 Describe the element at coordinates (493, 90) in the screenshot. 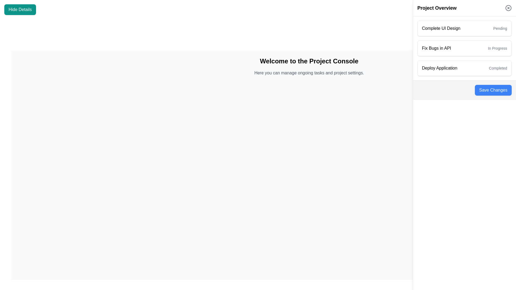

I see `the 'Save Changes' button, which is a rectangular button with a blue background and white text, located in the 'Project Overview' panel at the lower-right corner` at that location.